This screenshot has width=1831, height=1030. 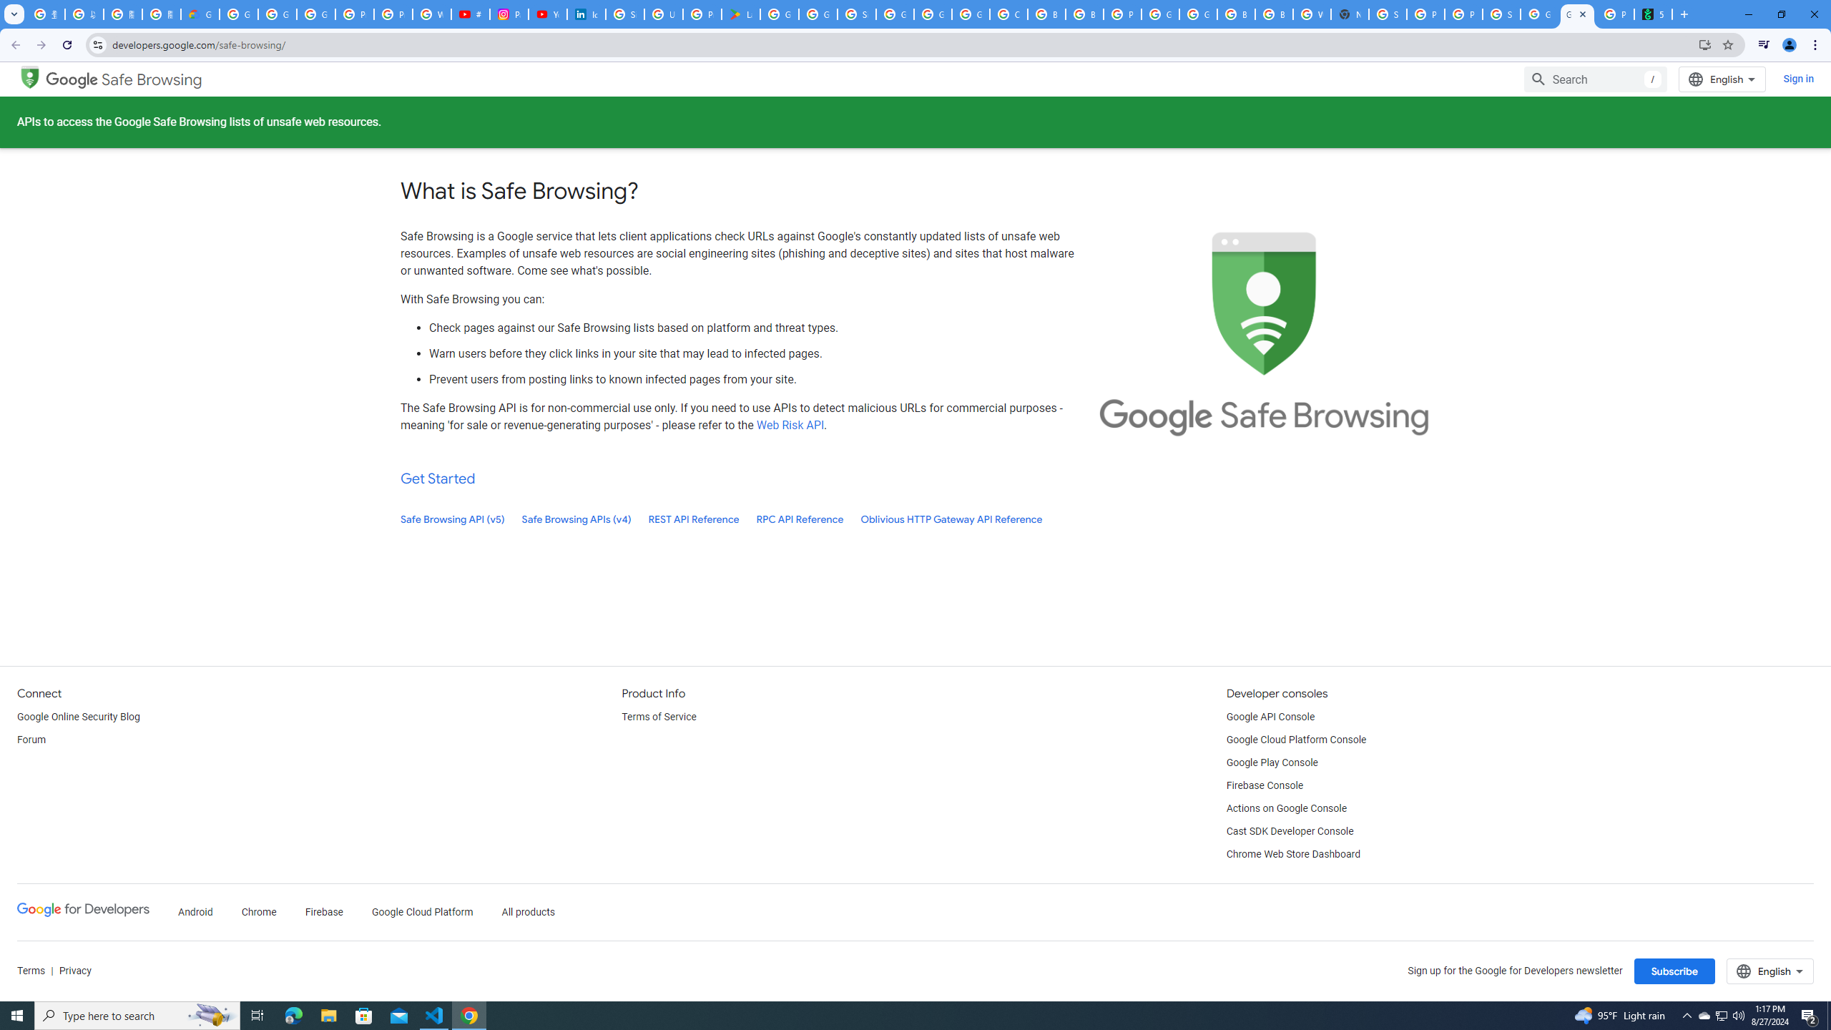 I want to click on 'Subscribe', so click(x=1674, y=971).